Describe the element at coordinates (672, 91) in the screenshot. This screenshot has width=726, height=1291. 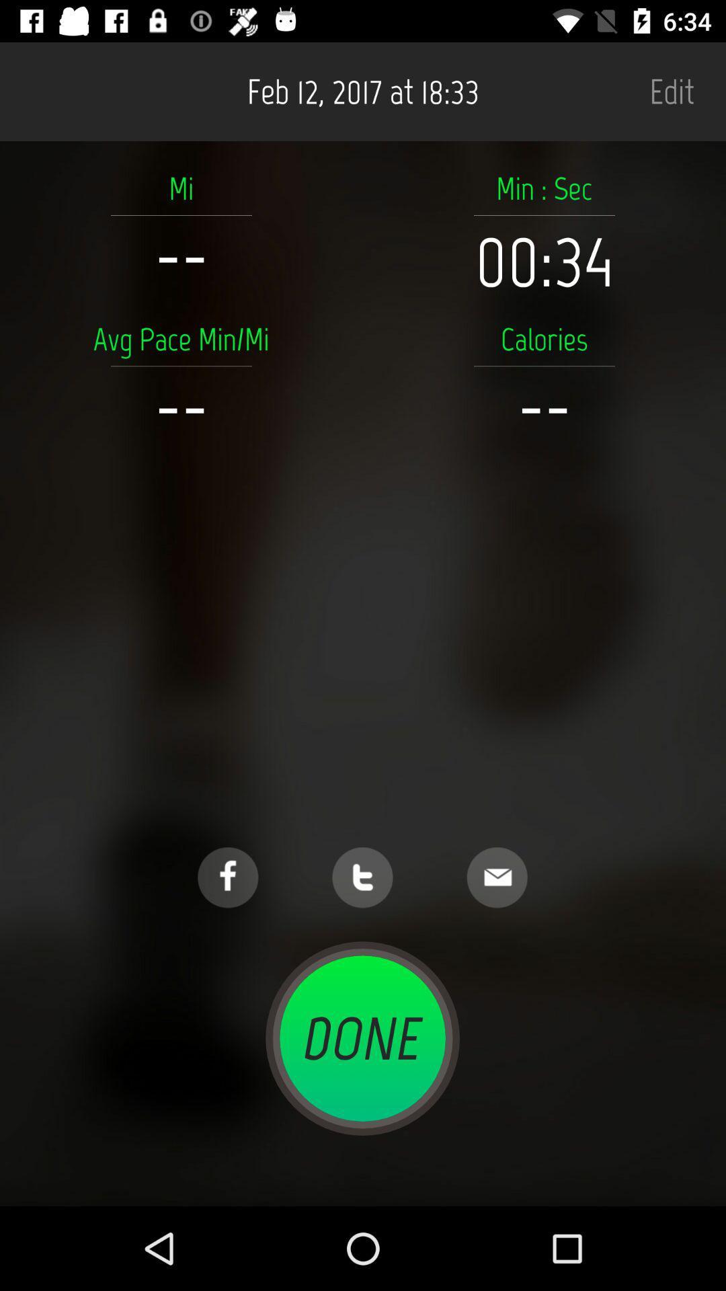
I see `icon to the right of feb 12 2017 item` at that location.